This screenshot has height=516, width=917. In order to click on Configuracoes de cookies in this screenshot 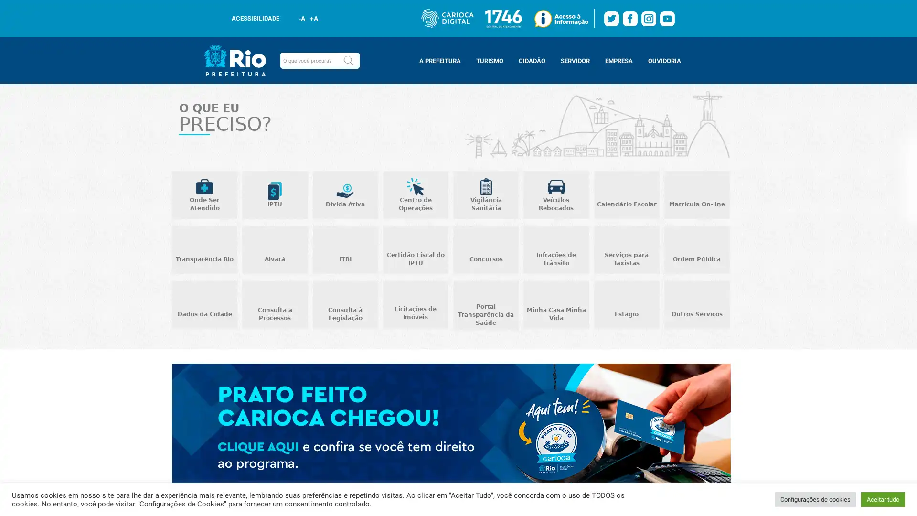, I will do `click(815, 499)`.